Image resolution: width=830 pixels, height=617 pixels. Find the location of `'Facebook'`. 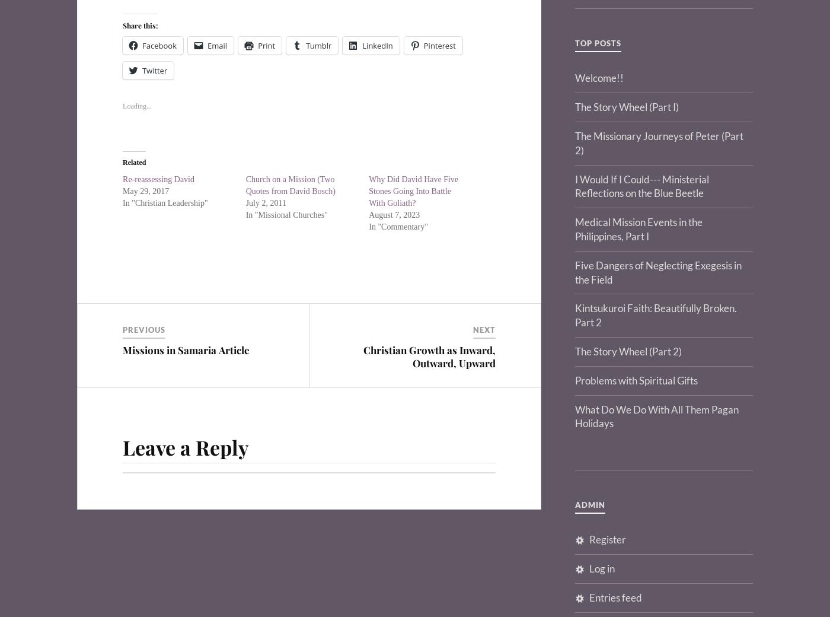

'Facebook' is located at coordinates (159, 44).